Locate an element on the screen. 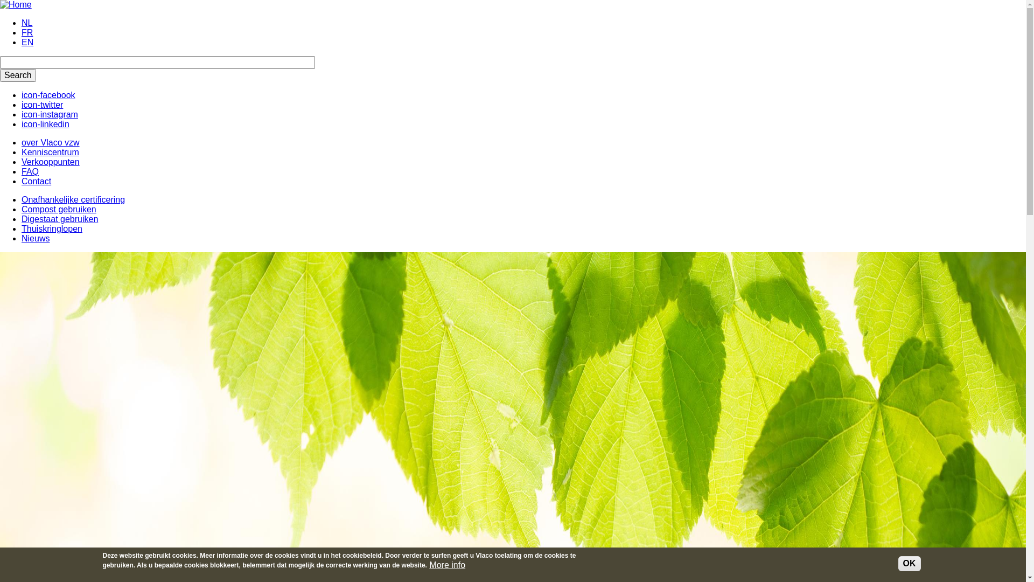  'FR' is located at coordinates (27, 32).